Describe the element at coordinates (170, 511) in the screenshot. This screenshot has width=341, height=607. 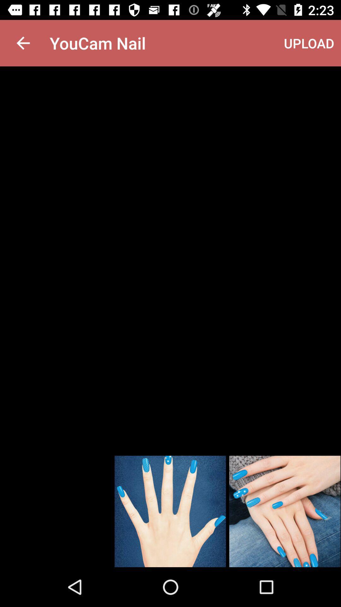
I see `this view` at that location.